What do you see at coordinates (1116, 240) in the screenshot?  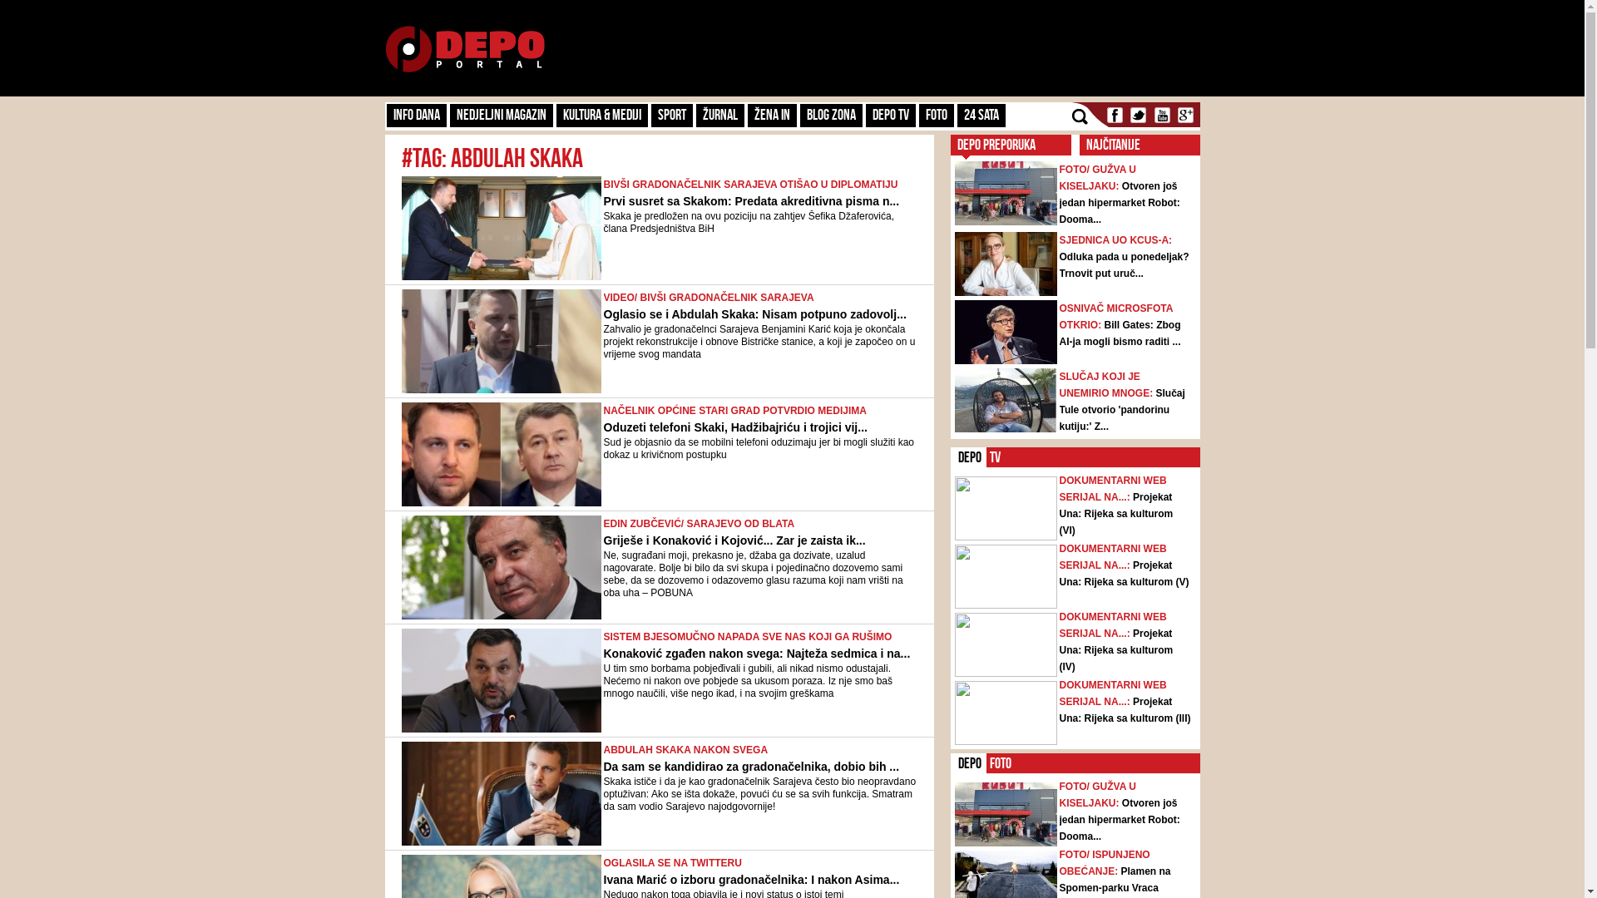 I see `'SJEDNICA UO KCUS-A:'` at bounding box center [1116, 240].